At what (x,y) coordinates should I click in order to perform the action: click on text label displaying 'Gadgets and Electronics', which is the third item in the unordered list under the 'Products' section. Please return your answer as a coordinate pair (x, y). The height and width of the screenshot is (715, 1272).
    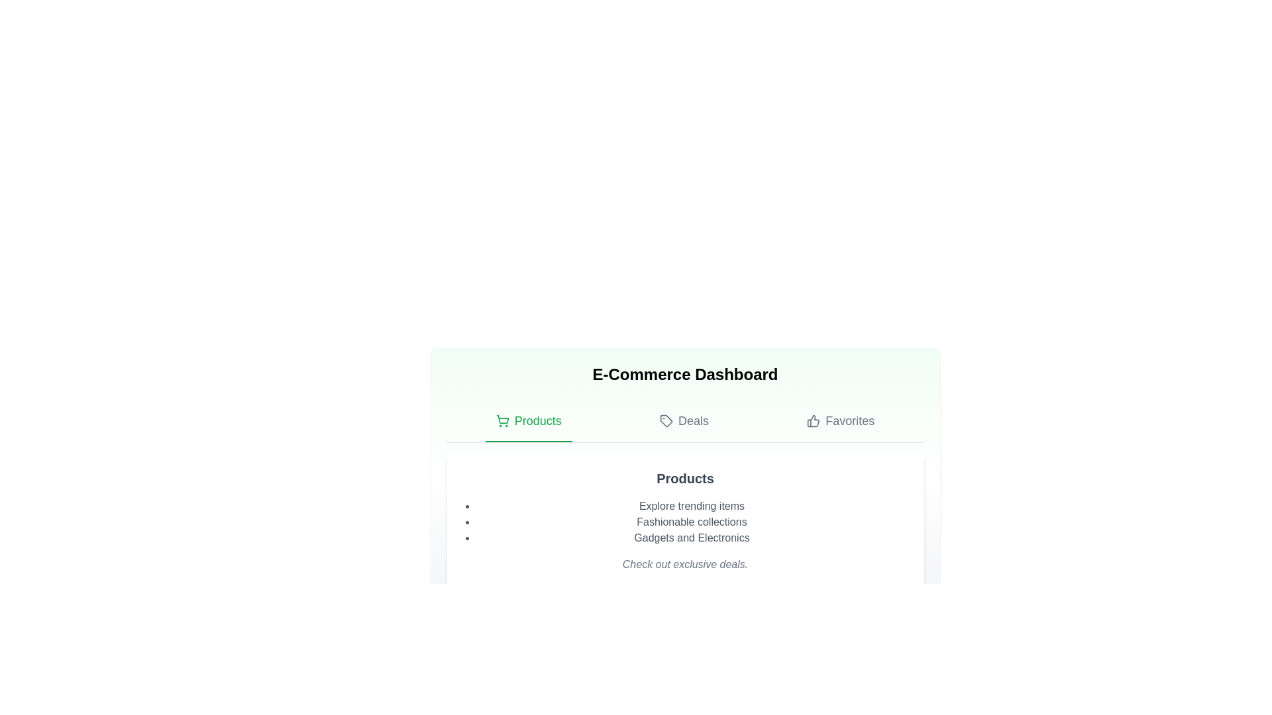
    Looking at the image, I should click on (691, 538).